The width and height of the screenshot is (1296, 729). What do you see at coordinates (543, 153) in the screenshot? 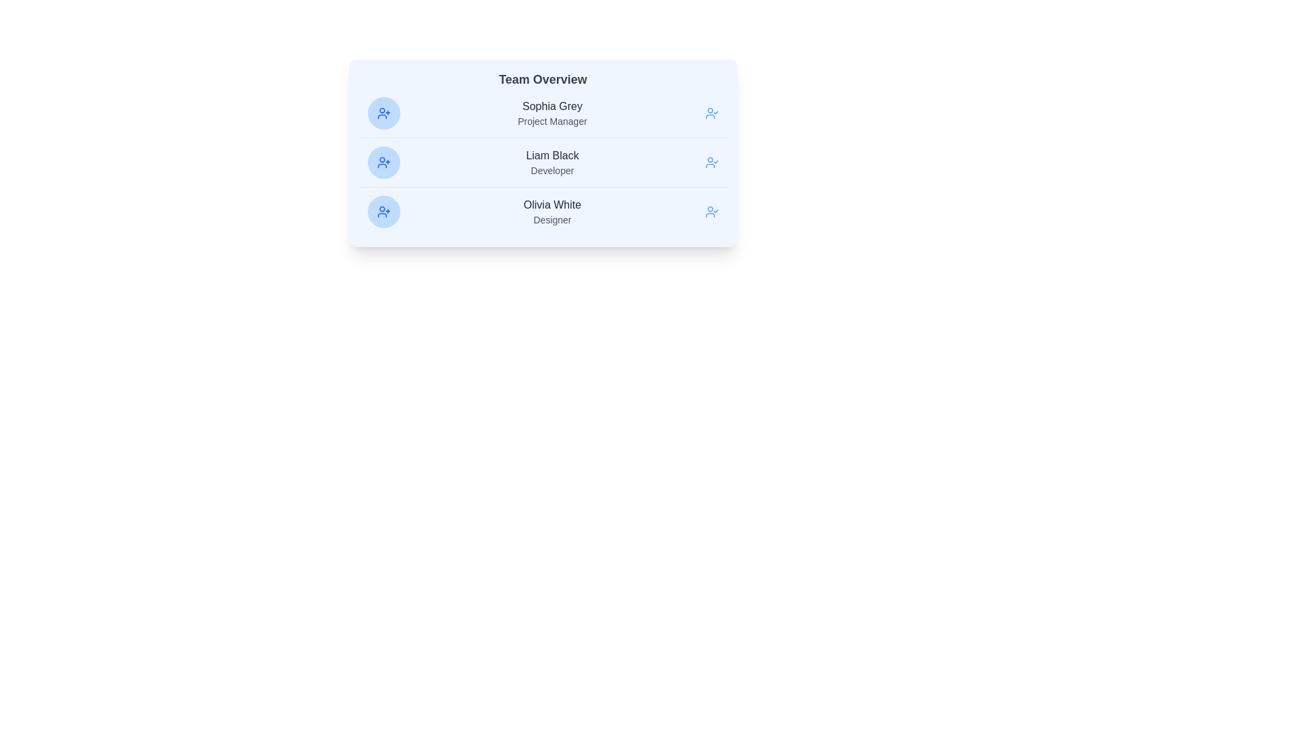
I see `the name in the Team member information card section` at bounding box center [543, 153].